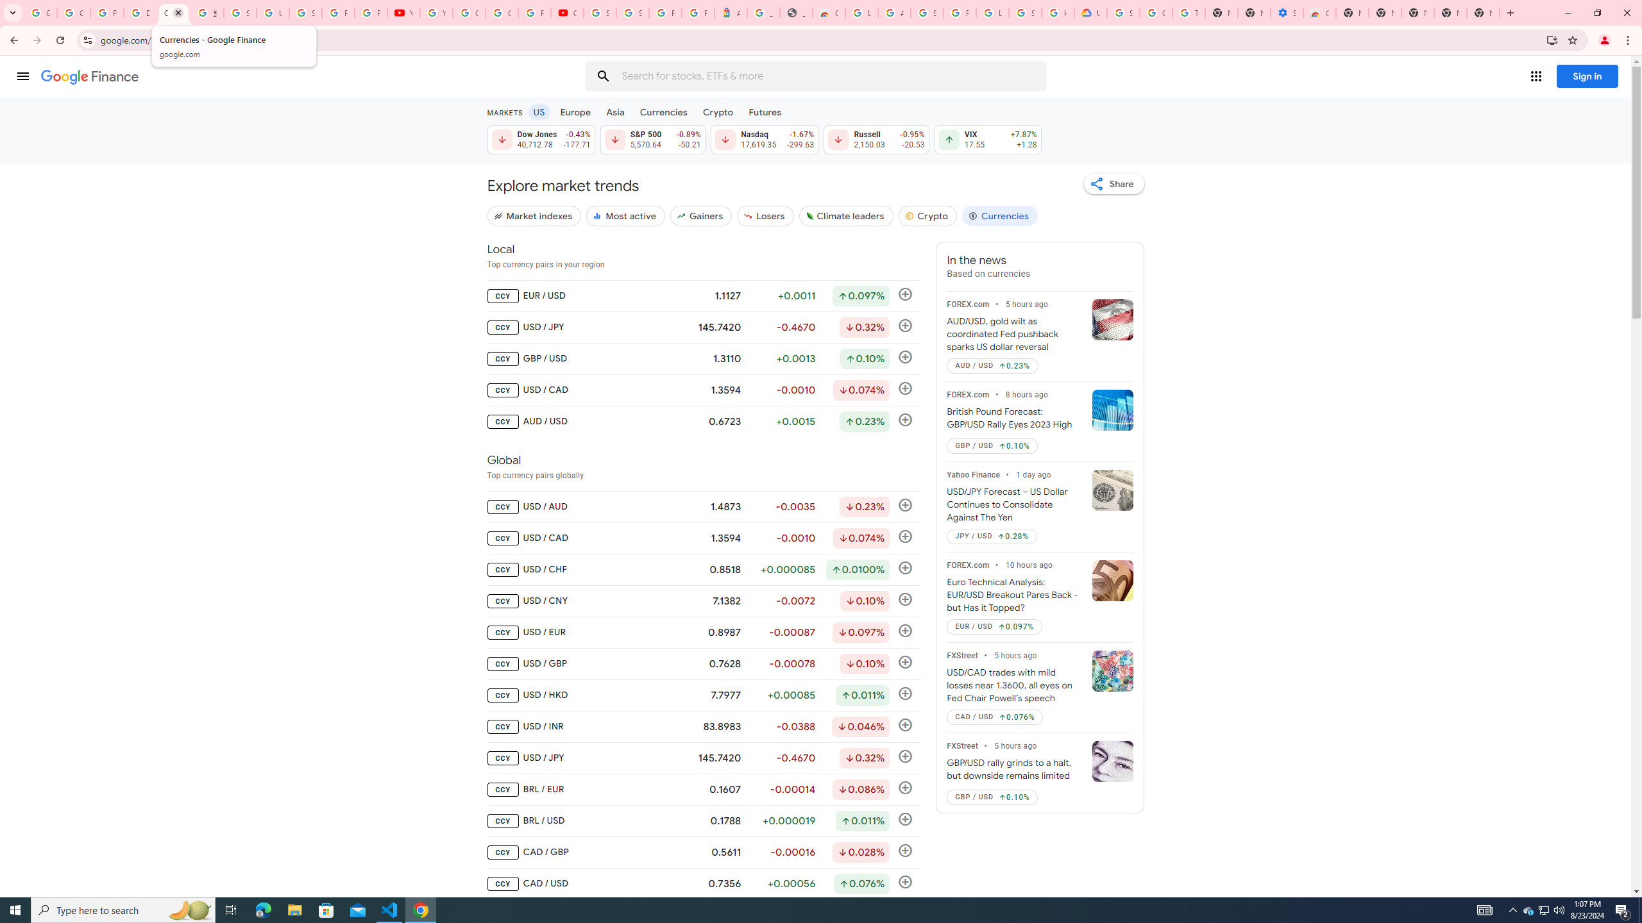 Image resolution: width=1642 pixels, height=923 pixels. I want to click on 'Sign in', so click(1587, 76).